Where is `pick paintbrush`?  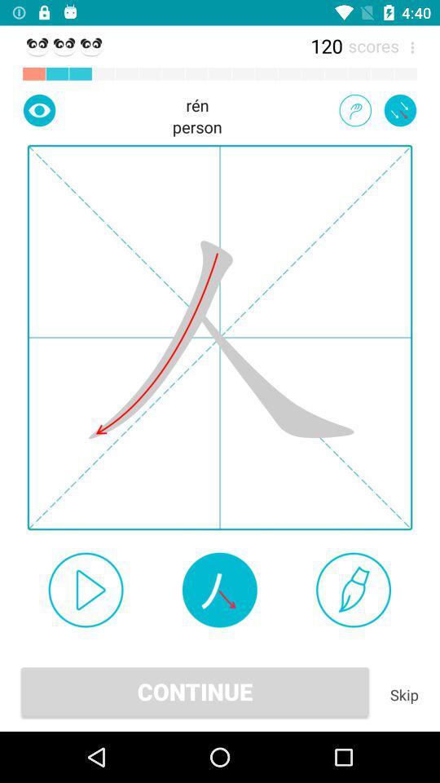
pick paintbrush is located at coordinates (353, 589).